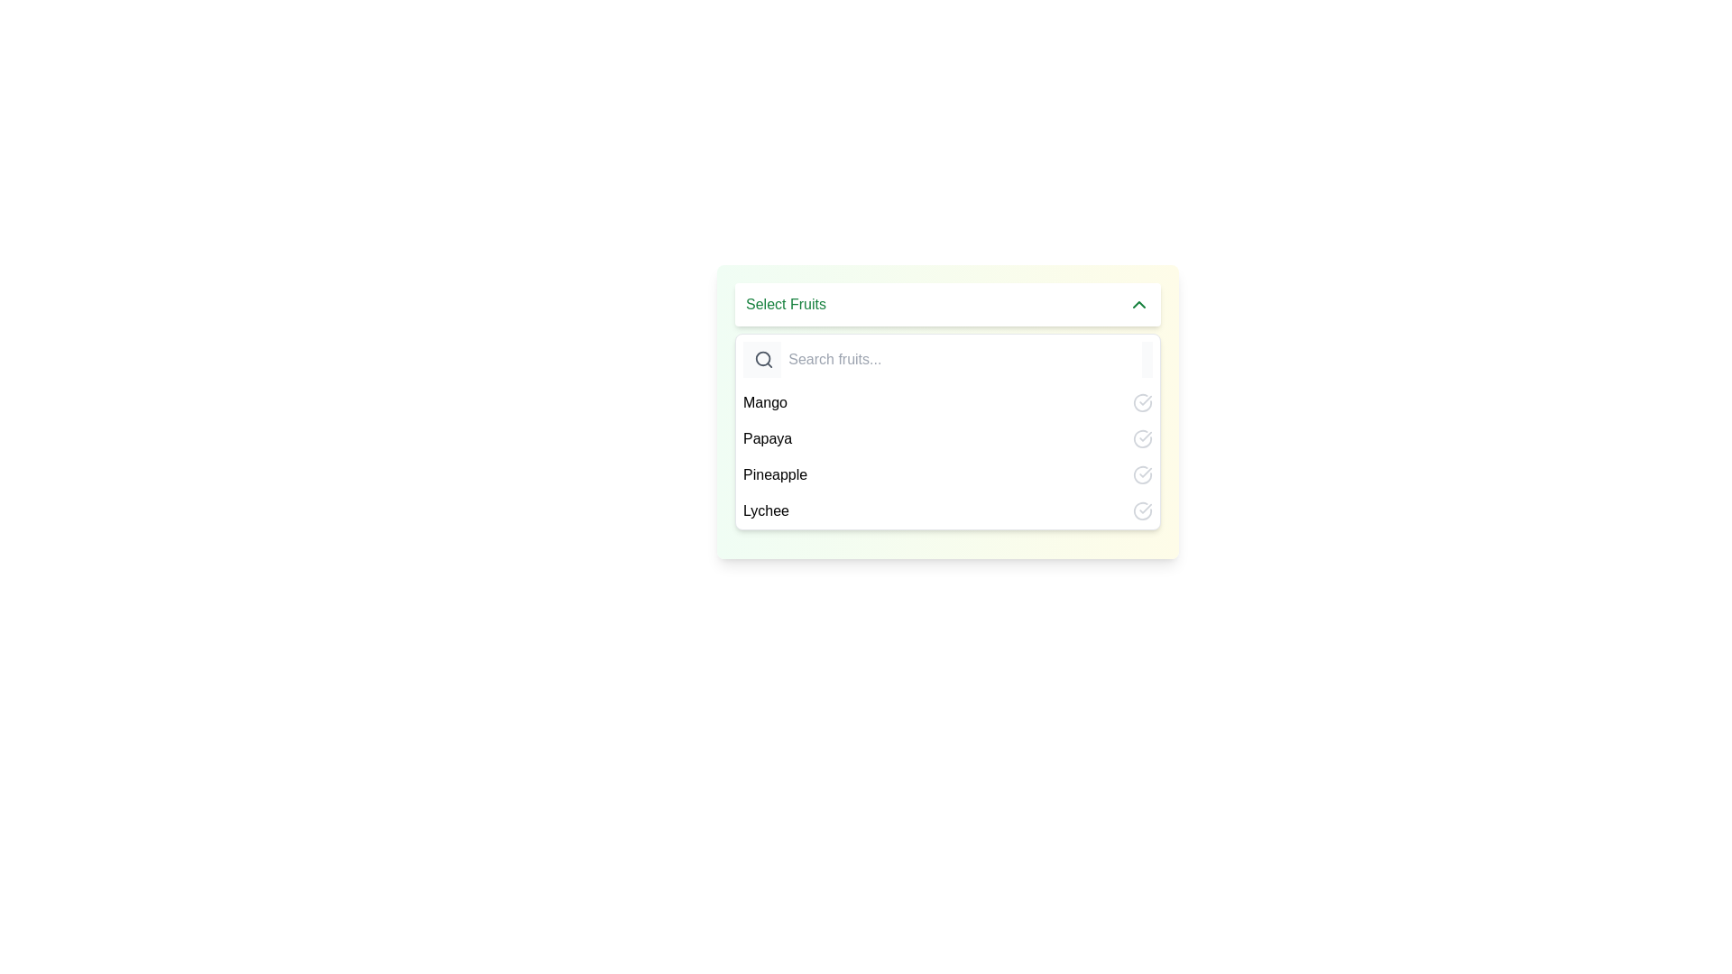 The image size is (1732, 974). What do you see at coordinates (961, 359) in the screenshot?
I see `the search input field for filtering fruit queries, which is centrally positioned in the dropdown interface labeled 'Select Fruits'` at bounding box center [961, 359].